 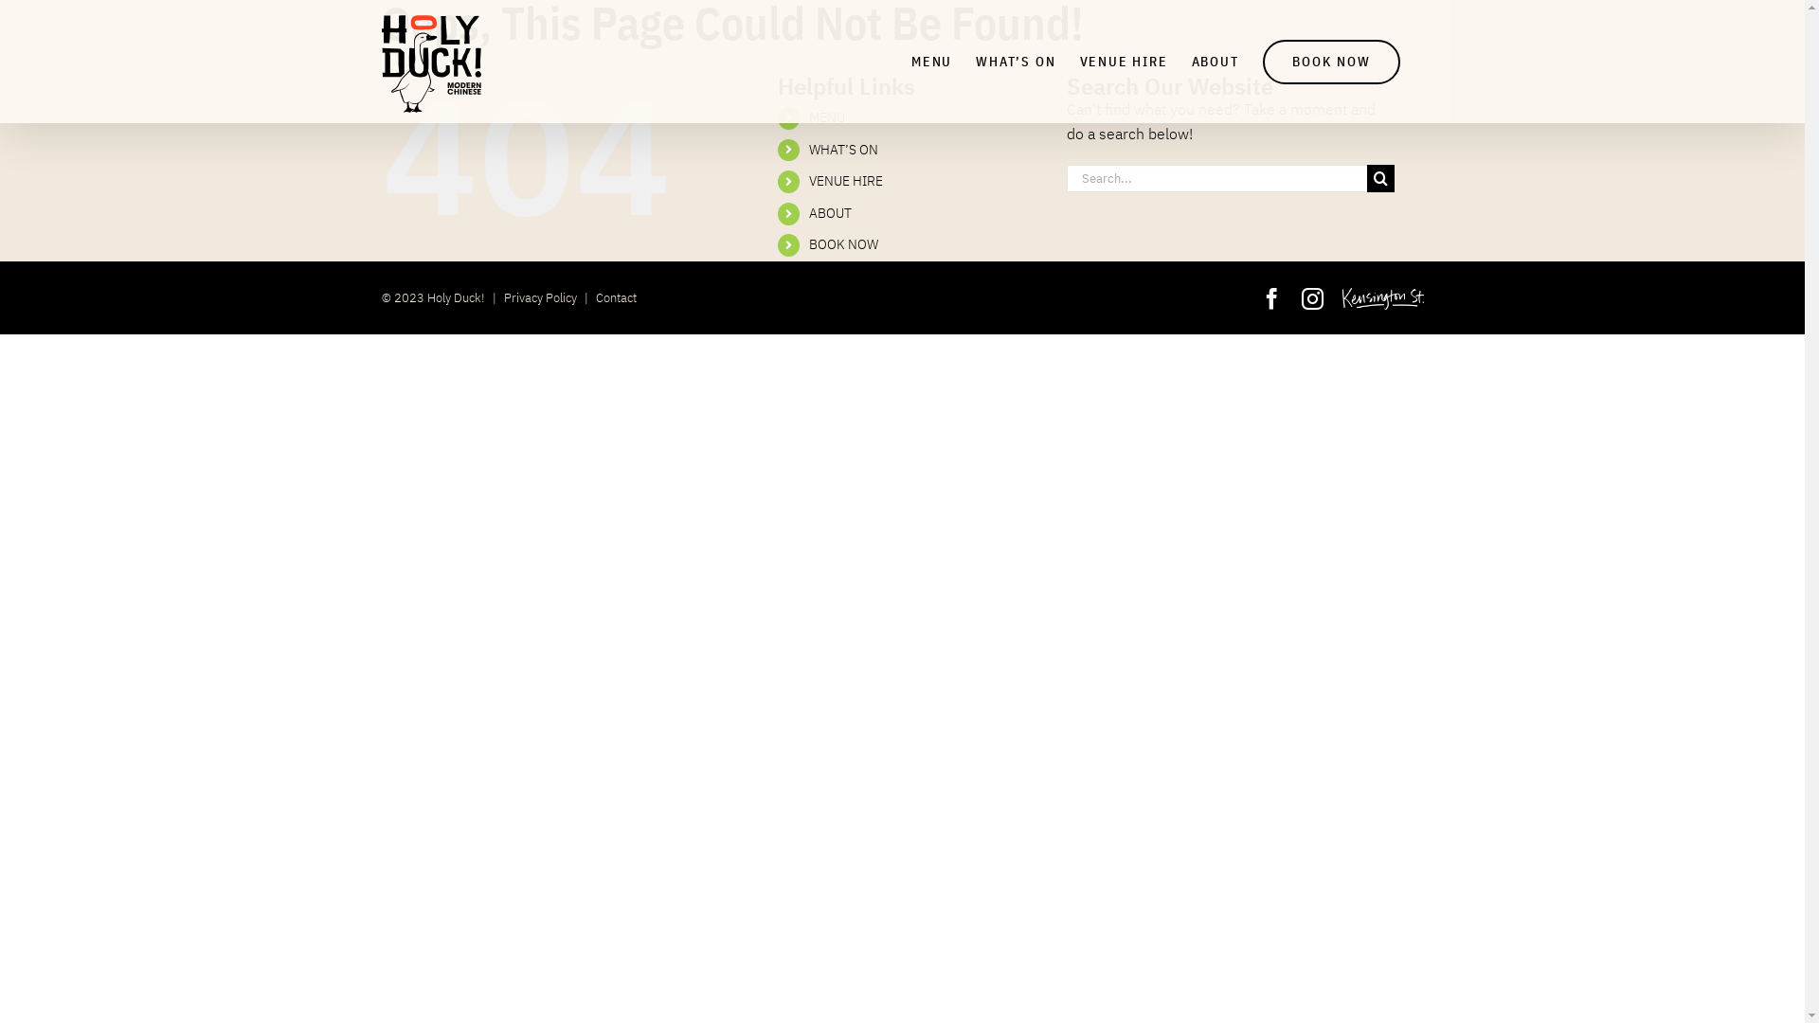 What do you see at coordinates (827, 117) in the screenshot?
I see `'MENU'` at bounding box center [827, 117].